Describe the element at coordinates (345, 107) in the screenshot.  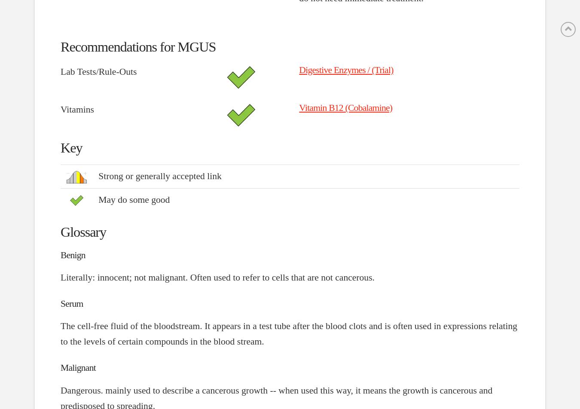
I see `'Vitamin B12 (Cobalamine)'` at that location.